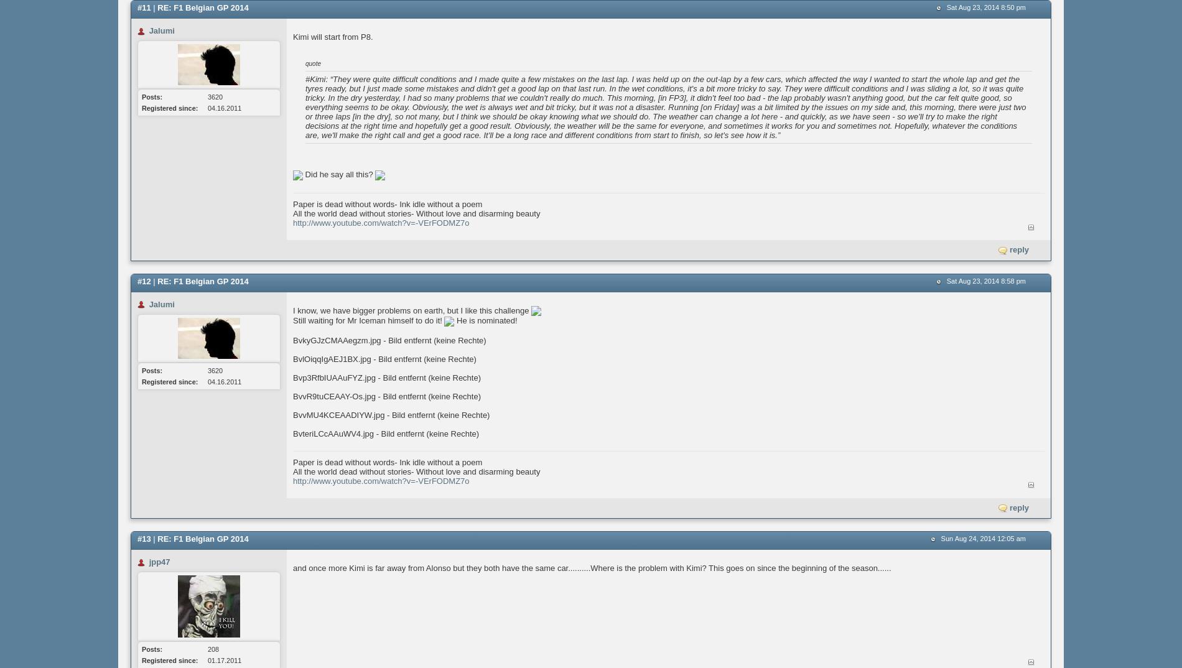 This screenshot has height=668, width=1182. What do you see at coordinates (144, 7) in the screenshot?
I see `'#11'` at bounding box center [144, 7].